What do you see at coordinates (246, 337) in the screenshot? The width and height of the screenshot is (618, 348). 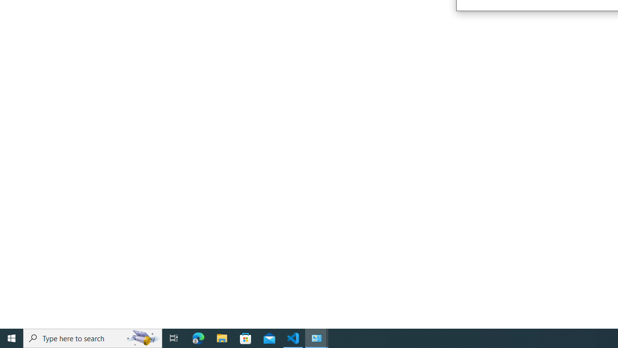 I see `'Microsoft Store'` at bounding box center [246, 337].